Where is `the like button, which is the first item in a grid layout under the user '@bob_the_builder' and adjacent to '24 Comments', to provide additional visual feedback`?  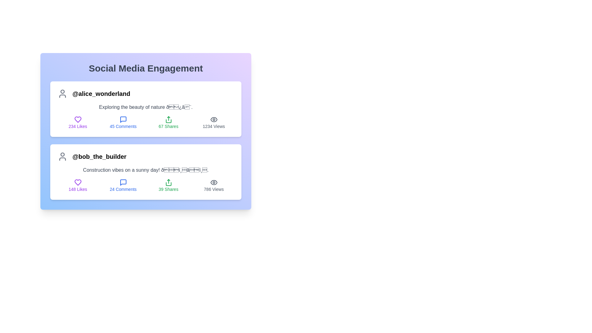
the like button, which is the first item in a grid layout under the user '@bob_the_builder' and adjacent to '24 Comments', to provide additional visual feedback is located at coordinates (77, 185).